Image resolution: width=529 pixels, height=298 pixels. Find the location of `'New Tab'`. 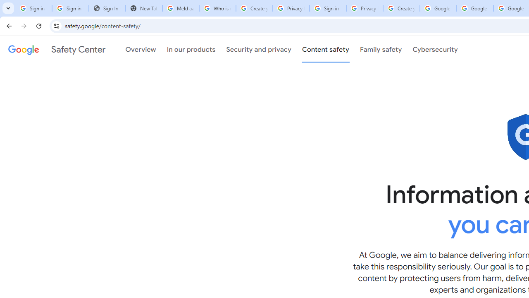

'New Tab' is located at coordinates (144, 8).